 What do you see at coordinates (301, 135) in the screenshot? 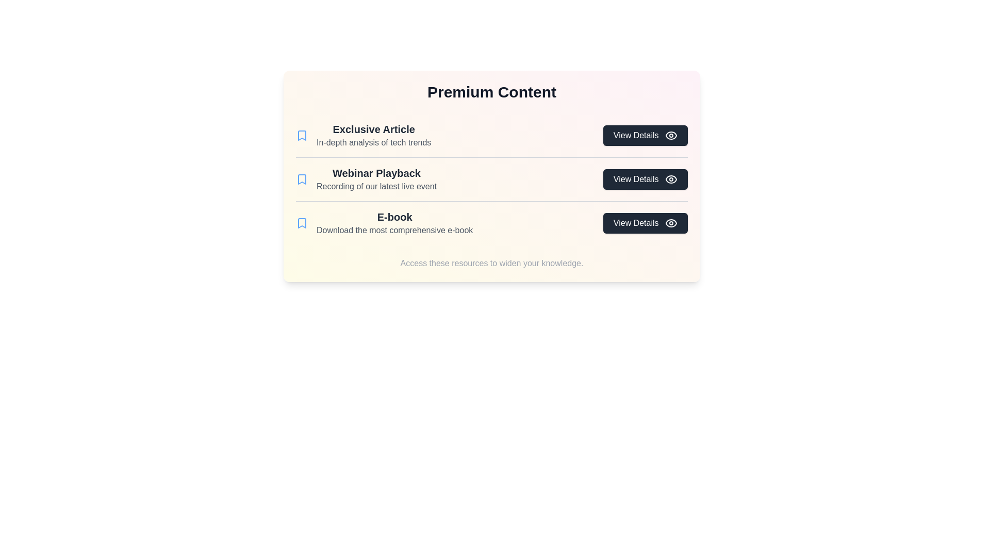
I see `the bookmark icon for the content item titled Exclusive Article` at bounding box center [301, 135].